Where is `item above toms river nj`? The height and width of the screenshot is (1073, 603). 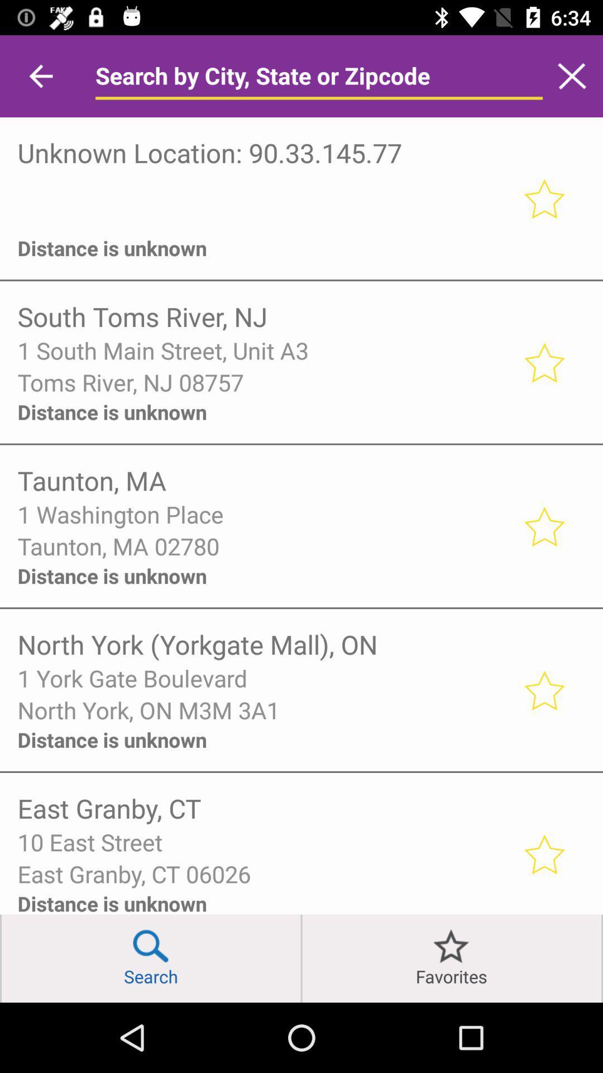
item above toms river nj is located at coordinates (262, 350).